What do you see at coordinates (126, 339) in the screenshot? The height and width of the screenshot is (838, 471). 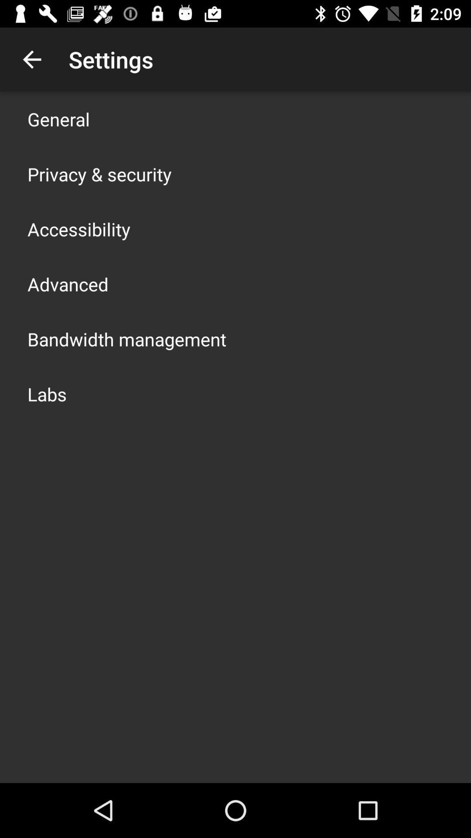 I see `icon below advanced` at bounding box center [126, 339].